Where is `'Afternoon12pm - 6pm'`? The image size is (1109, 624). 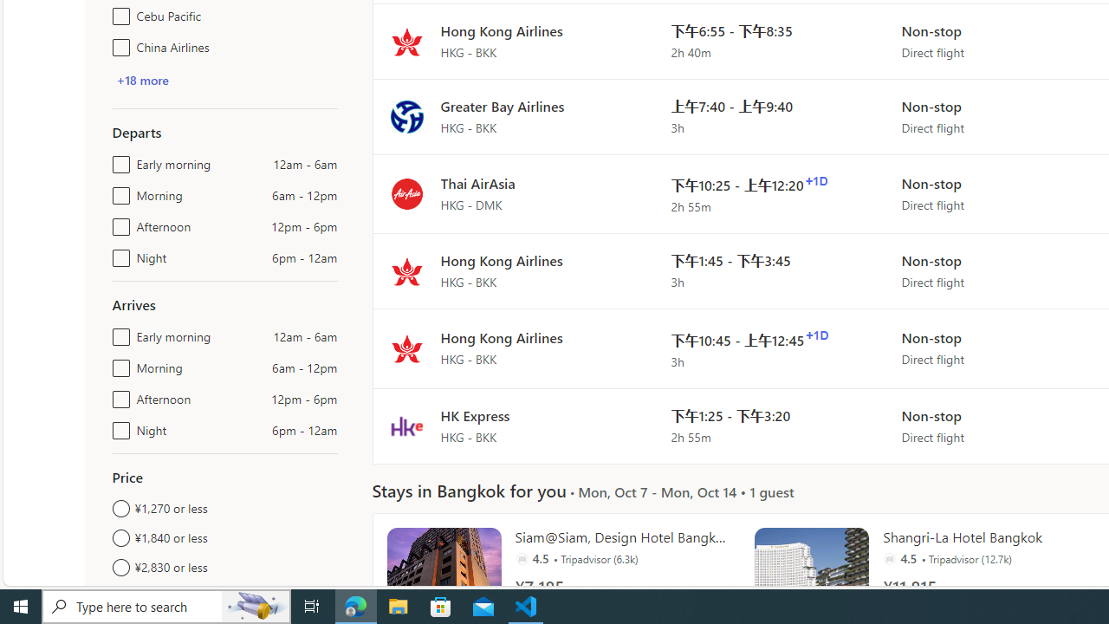 'Afternoon12pm - 6pm' is located at coordinates (117, 395).